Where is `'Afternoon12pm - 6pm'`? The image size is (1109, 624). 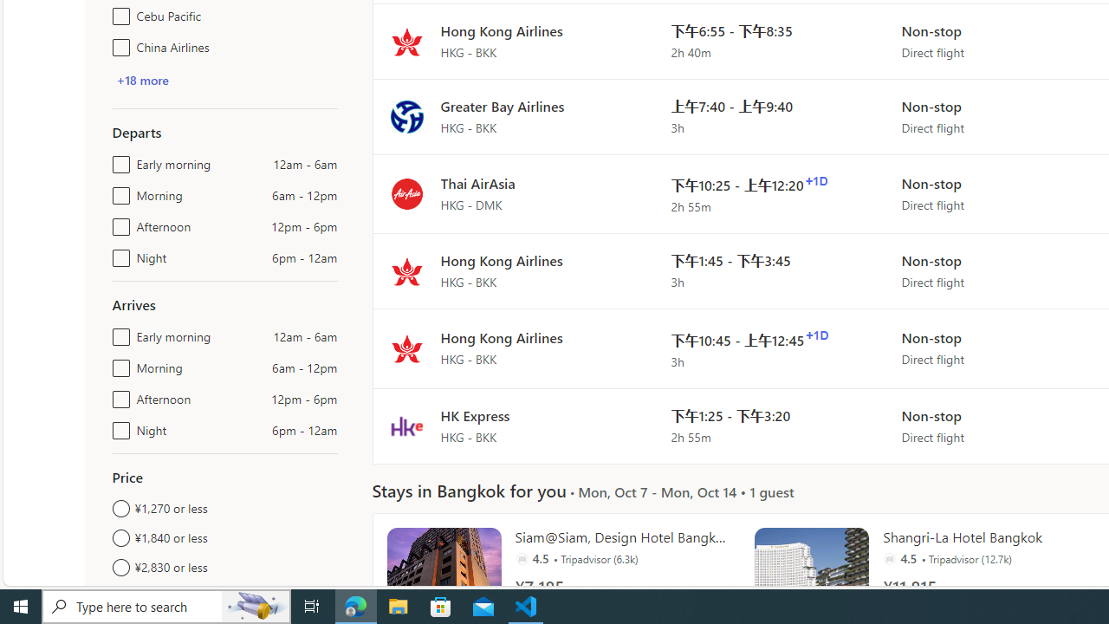 'Afternoon12pm - 6pm' is located at coordinates (117, 395).